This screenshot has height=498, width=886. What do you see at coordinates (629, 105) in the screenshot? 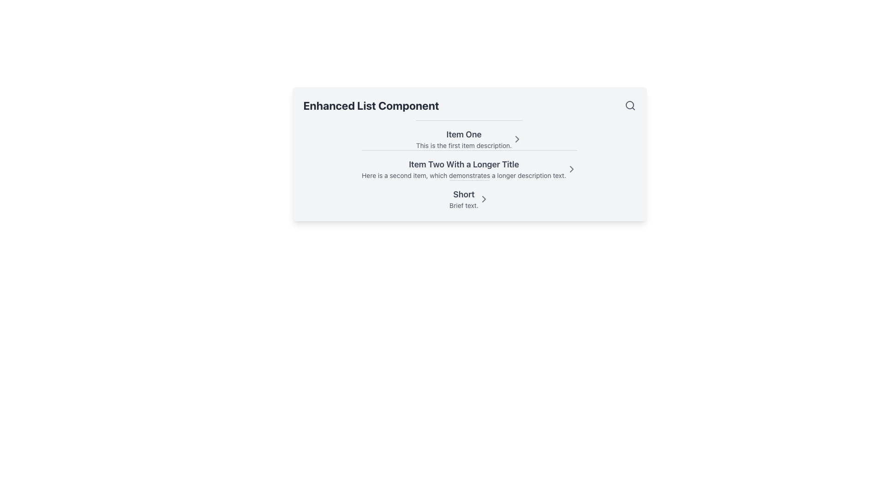
I see `the search icon located at the top-right corner next to the title 'Enhanced List Component'` at bounding box center [629, 105].